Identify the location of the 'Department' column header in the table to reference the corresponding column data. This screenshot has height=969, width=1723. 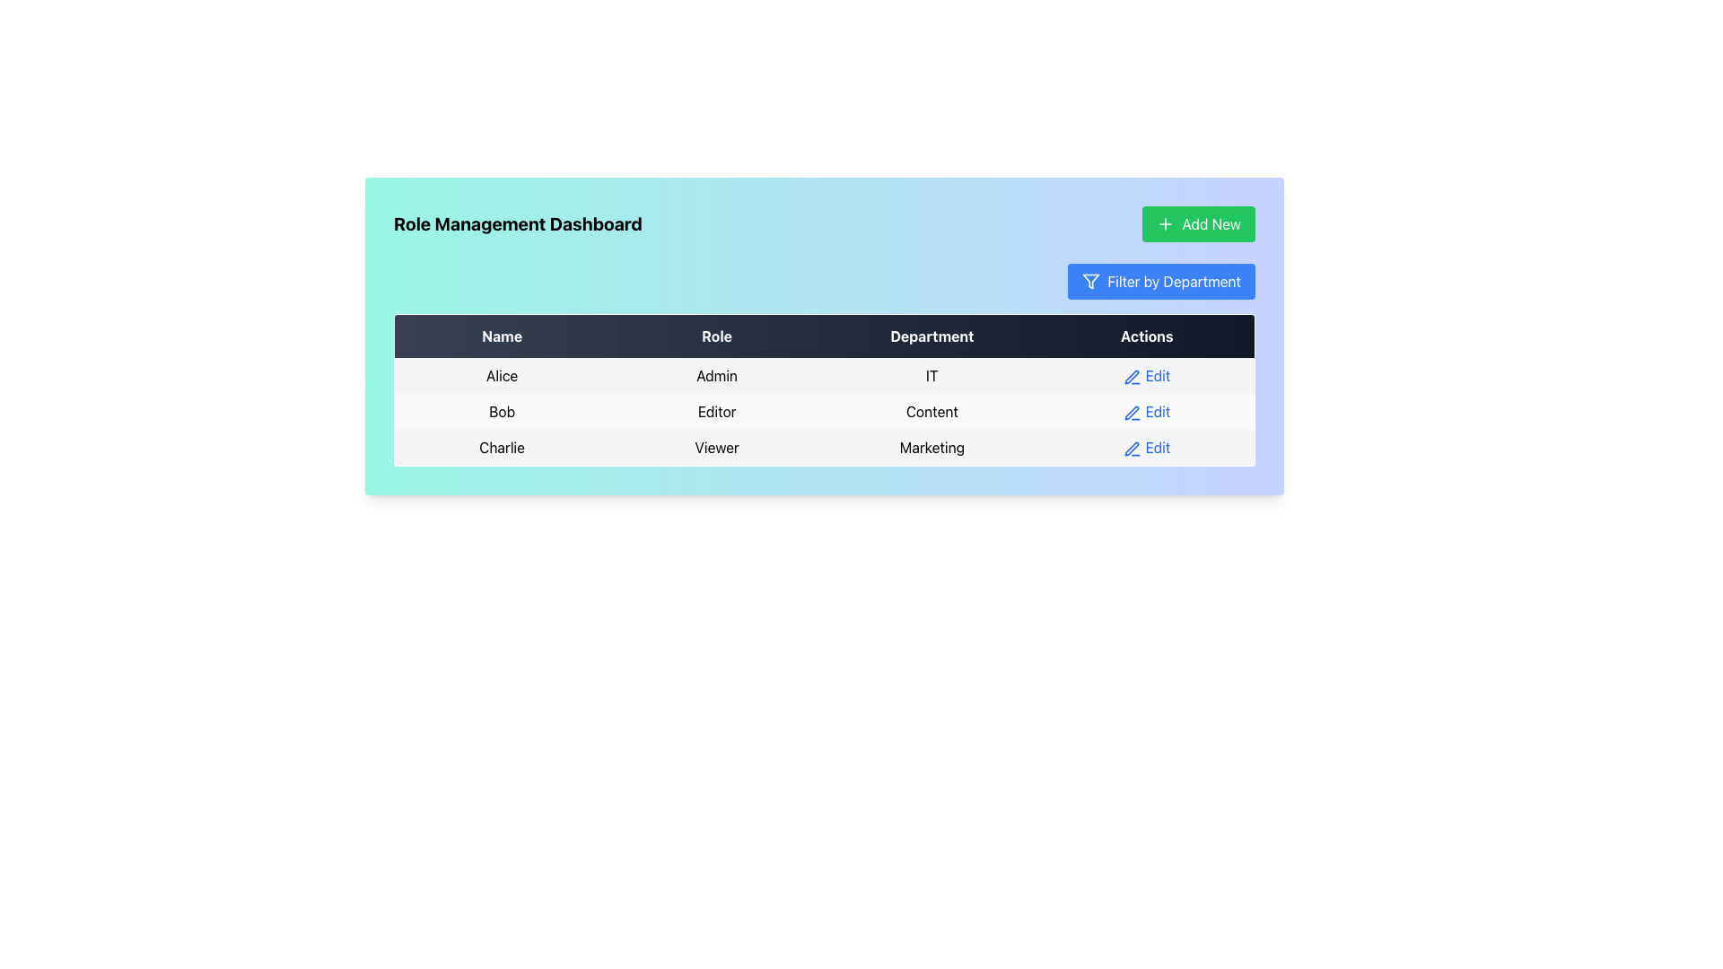
(931, 336).